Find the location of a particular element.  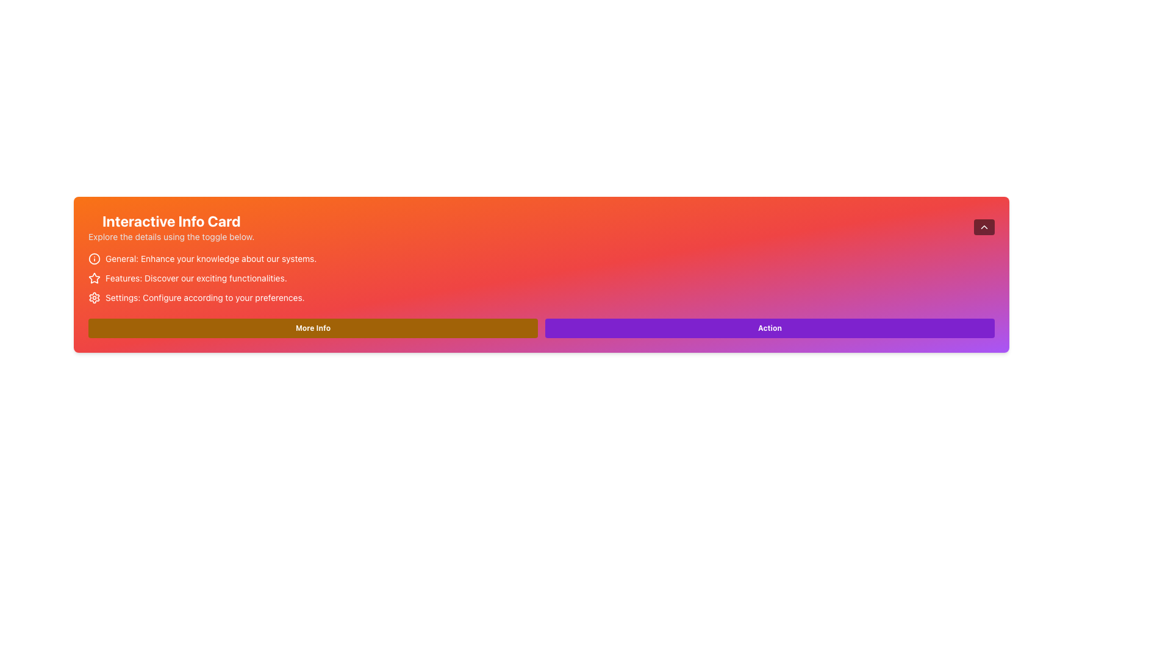

the star-shaped icon located to the left of the text 'Features: Discover our exciting functionalities.' This icon is the second in a vertical list of items including 'General' and 'Settings.' is located at coordinates (93, 278).